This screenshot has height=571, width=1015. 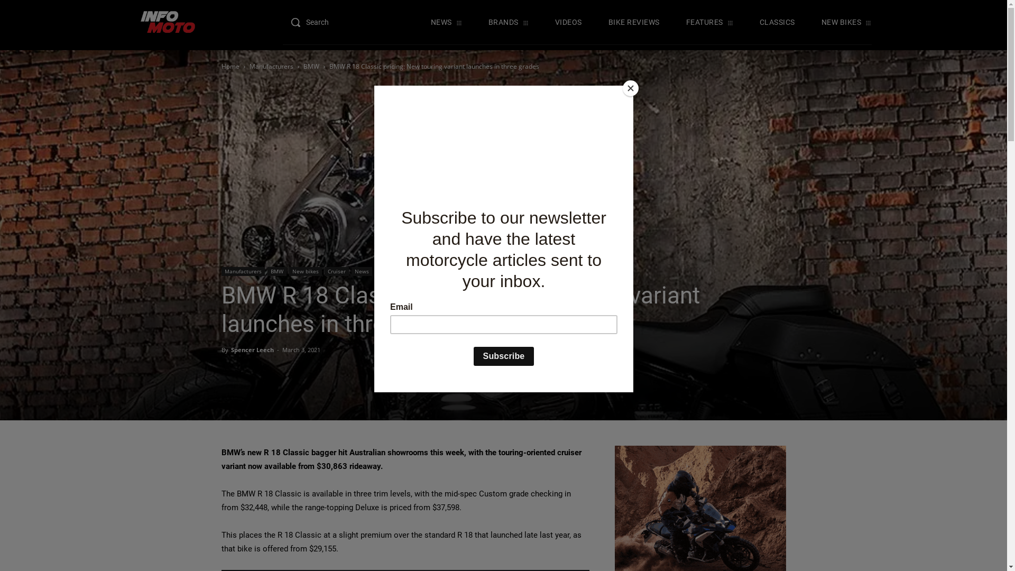 I want to click on 'BRANDS', so click(x=508, y=22).